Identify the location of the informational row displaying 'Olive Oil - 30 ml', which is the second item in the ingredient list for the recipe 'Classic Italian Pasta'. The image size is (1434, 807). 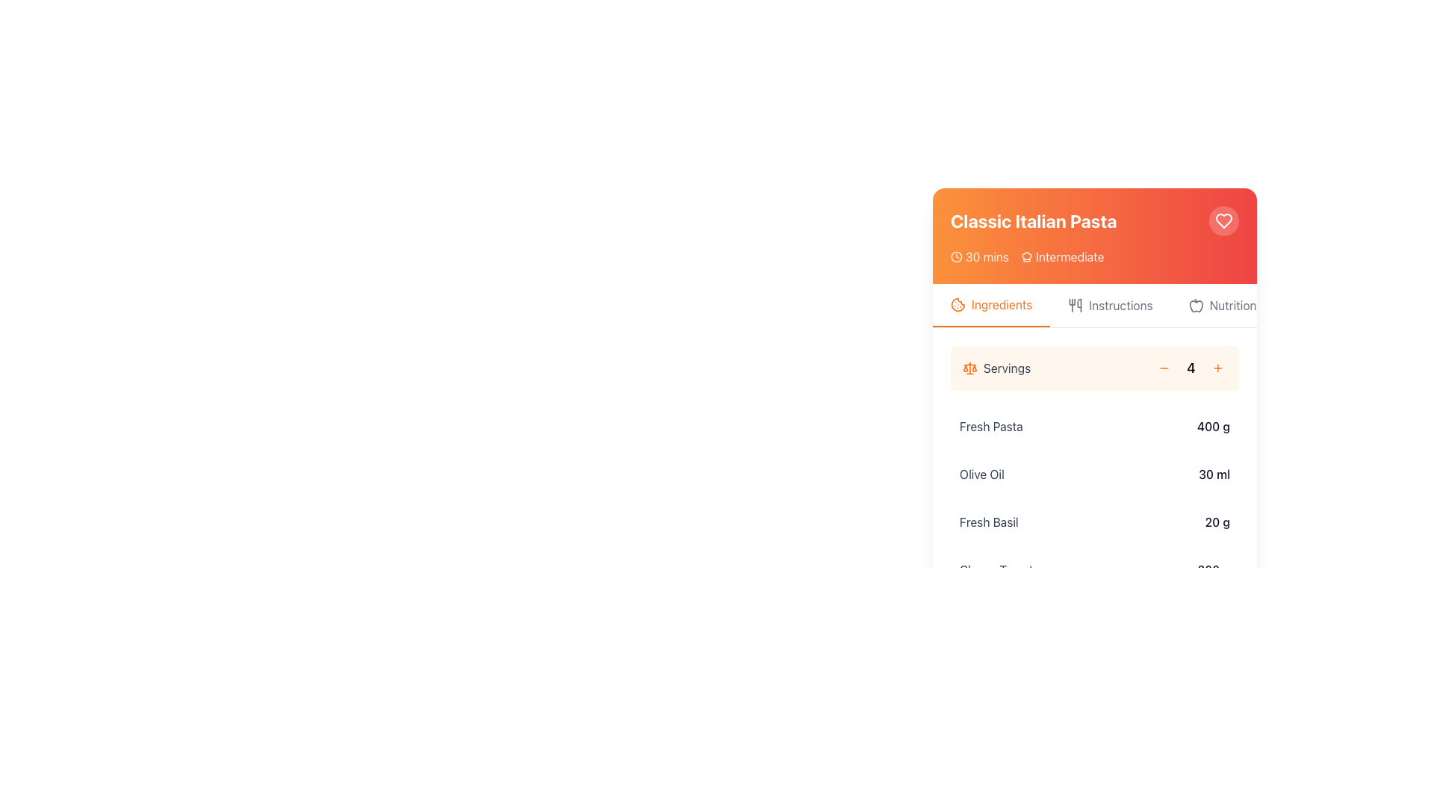
(1094, 474).